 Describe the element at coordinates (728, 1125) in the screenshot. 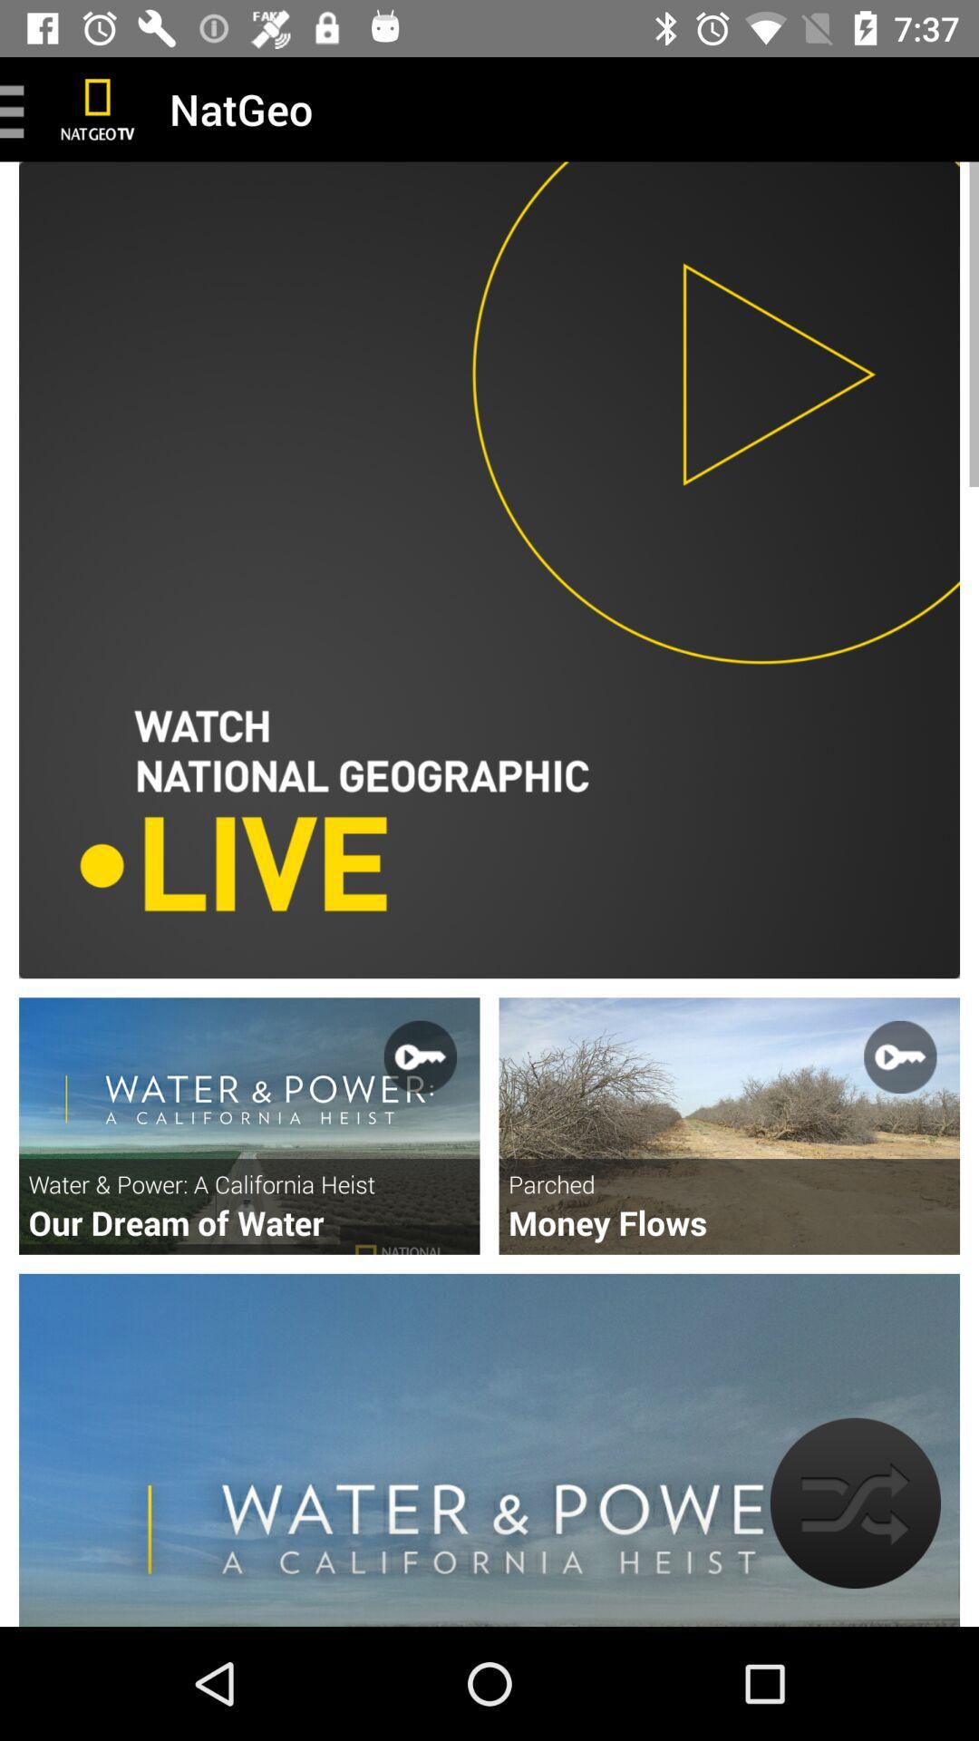

I see `advertisement` at that location.